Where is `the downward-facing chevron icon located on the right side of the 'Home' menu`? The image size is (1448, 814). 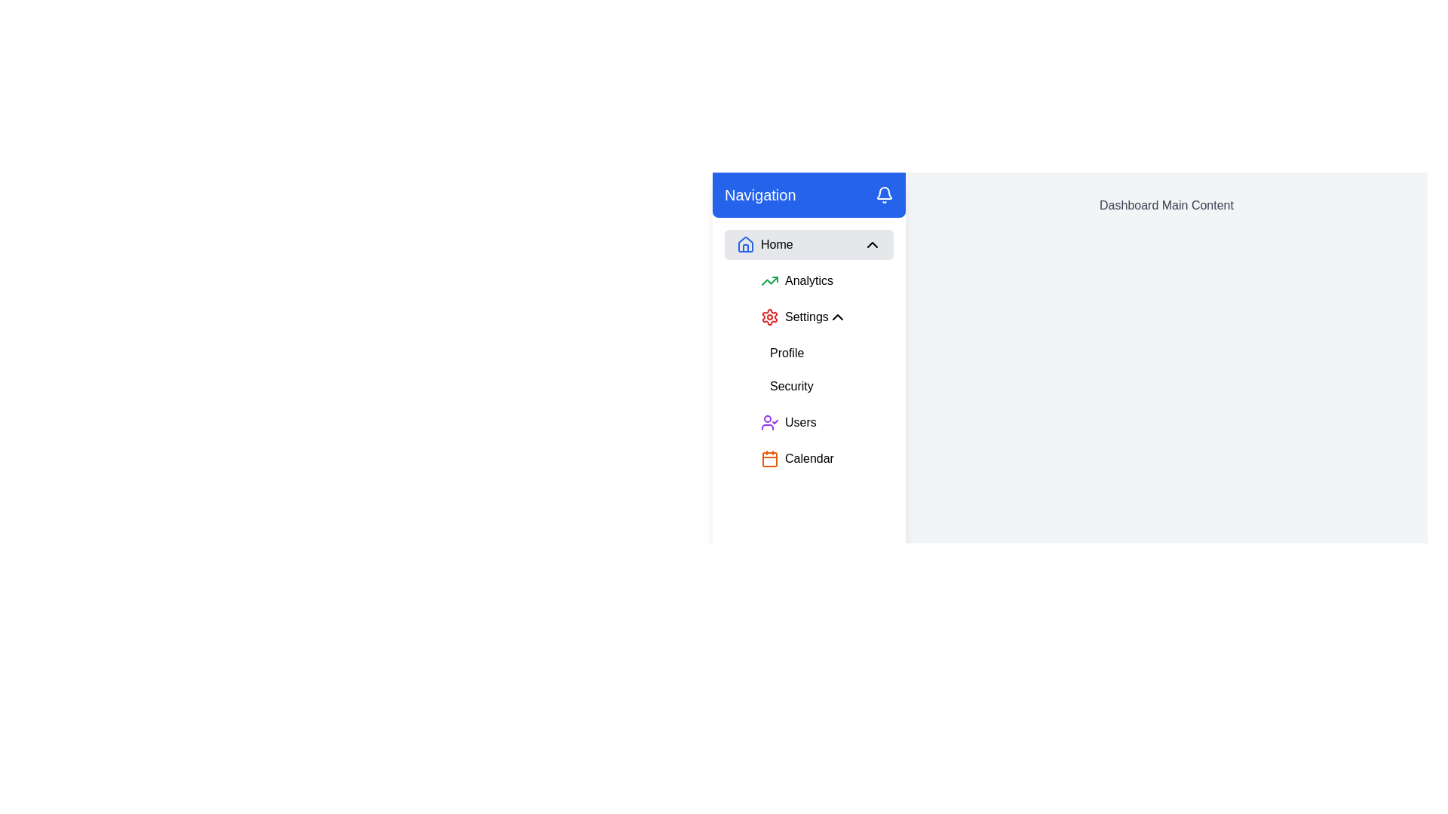
the downward-facing chevron icon located on the right side of the 'Home' menu is located at coordinates (872, 243).